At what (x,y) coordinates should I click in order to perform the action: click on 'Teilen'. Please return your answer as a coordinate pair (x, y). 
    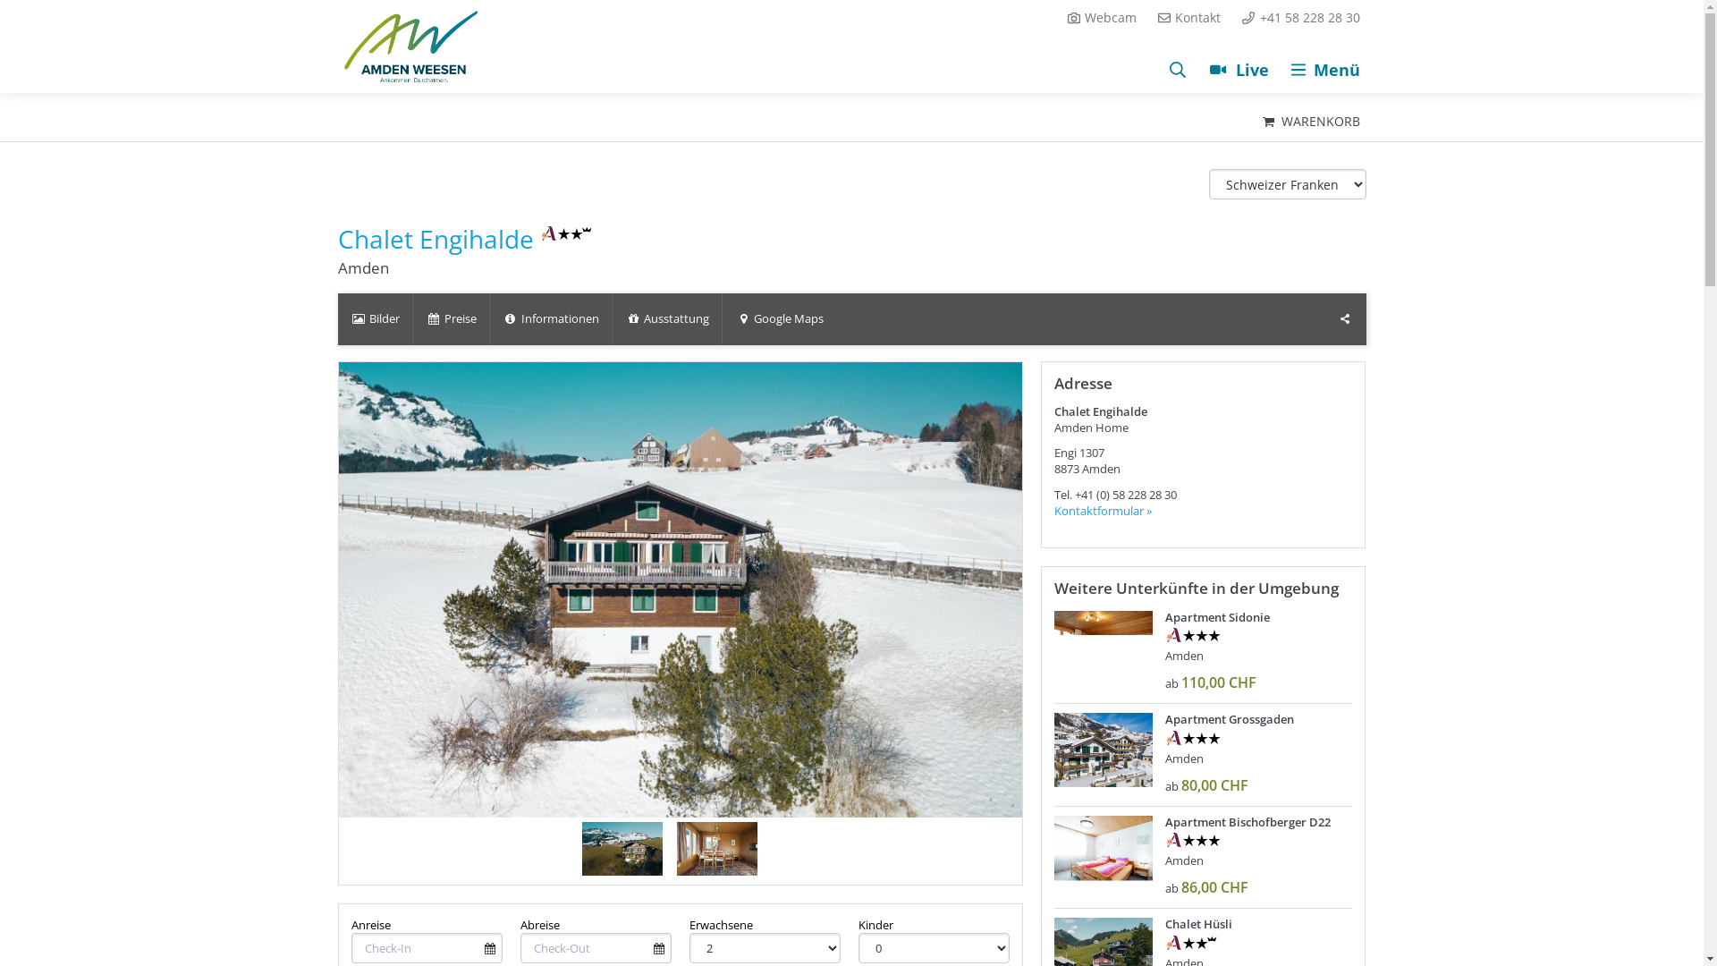
    Looking at the image, I should click on (1344, 318).